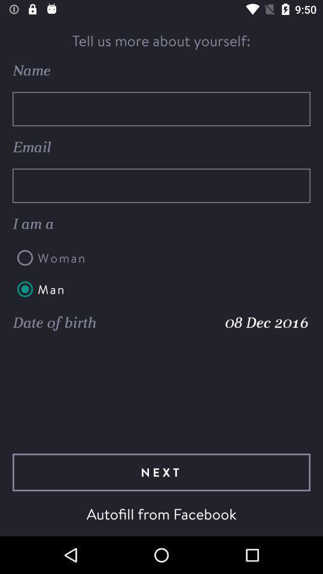 The height and width of the screenshot is (574, 323). Describe the element at coordinates (161, 185) in the screenshot. I see `the icon below email item` at that location.